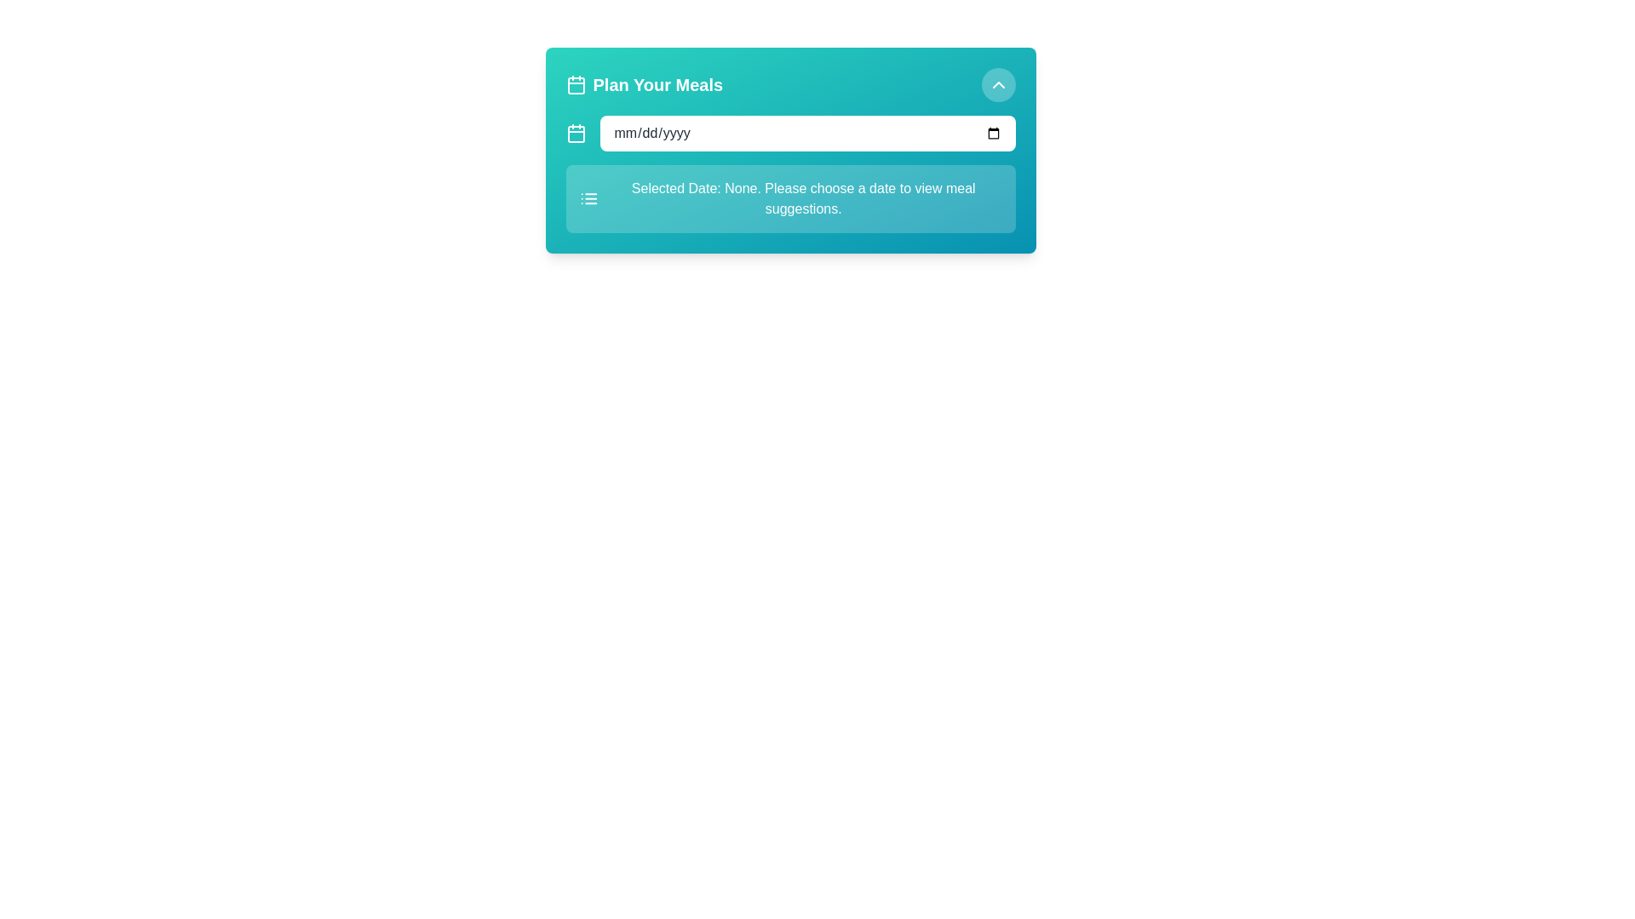 This screenshot has width=1635, height=919. What do you see at coordinates (998, 85) in the screenshot?
I see `the upward-facing chevron button icon located in the upper right corner of the teal card interface` at bounding box center [998, 85].